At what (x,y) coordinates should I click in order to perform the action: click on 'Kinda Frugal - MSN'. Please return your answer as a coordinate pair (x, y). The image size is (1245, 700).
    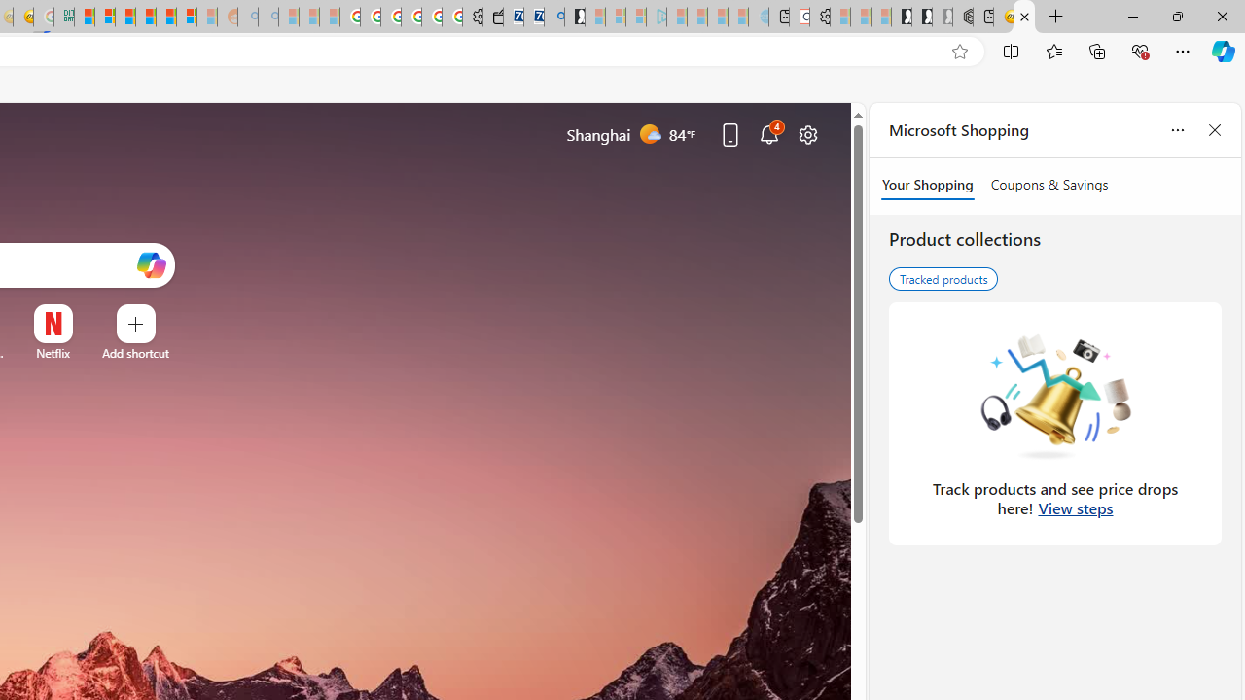
    Looking at the image, I should click on (165, 17).